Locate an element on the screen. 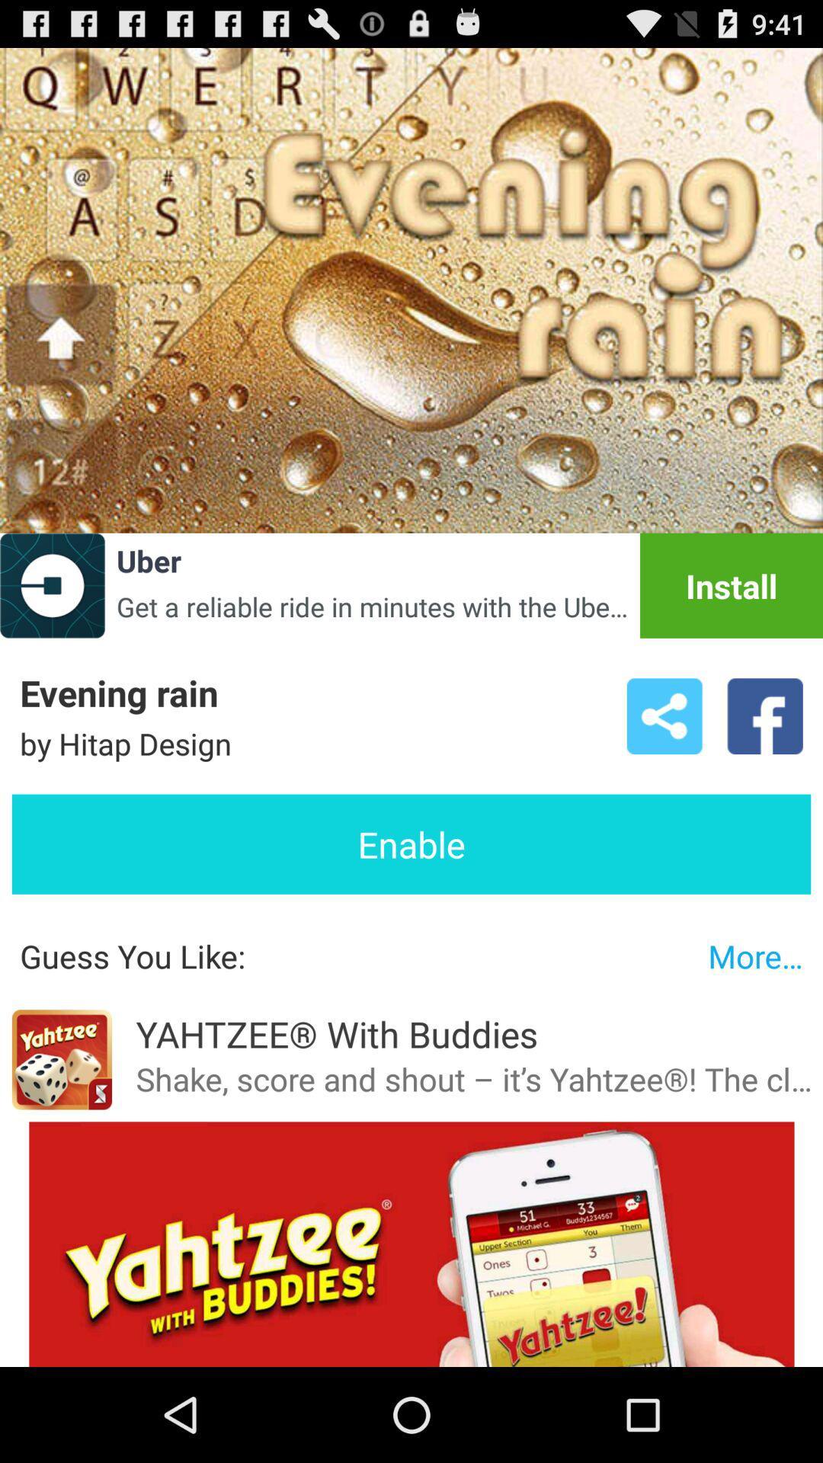  icon next to the by hitap design icon is located at coordinates (664, 715).